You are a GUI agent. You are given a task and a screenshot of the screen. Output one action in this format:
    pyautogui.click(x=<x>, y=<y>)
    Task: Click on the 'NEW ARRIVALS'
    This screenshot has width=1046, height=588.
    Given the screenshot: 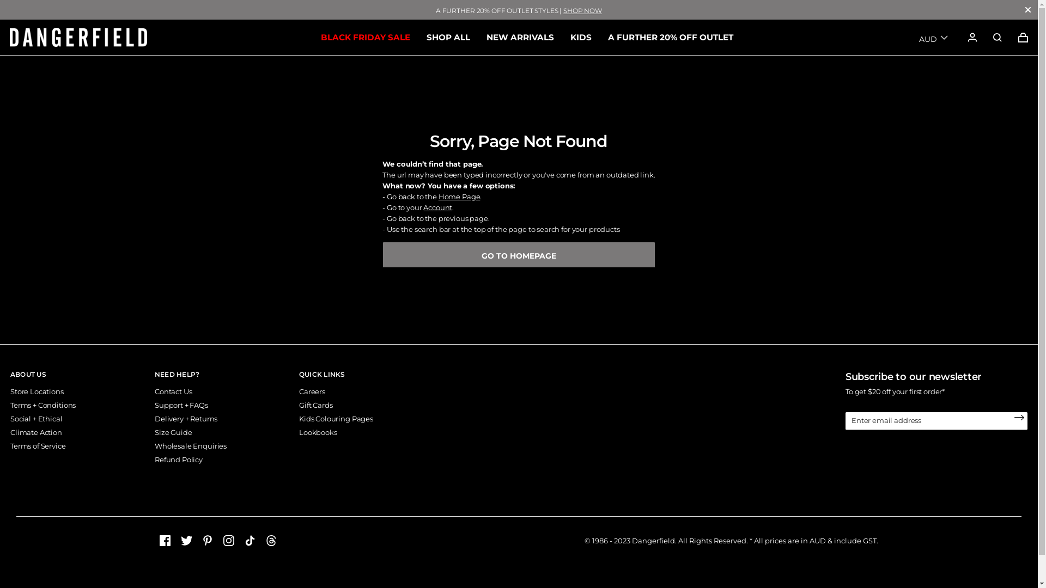 What is the action you would take?
    pyautogui.click(x=519, y=36)
    